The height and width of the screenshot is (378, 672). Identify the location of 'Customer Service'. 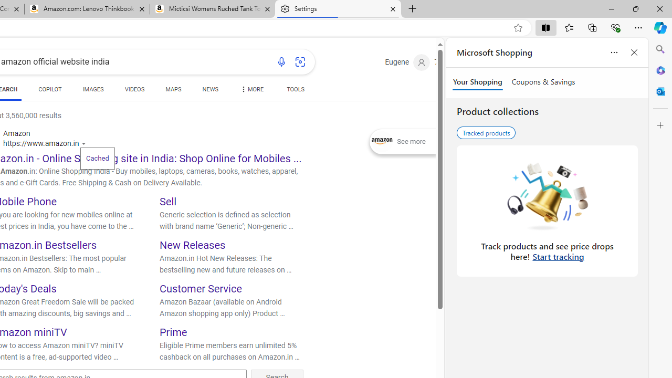
(201, 289).